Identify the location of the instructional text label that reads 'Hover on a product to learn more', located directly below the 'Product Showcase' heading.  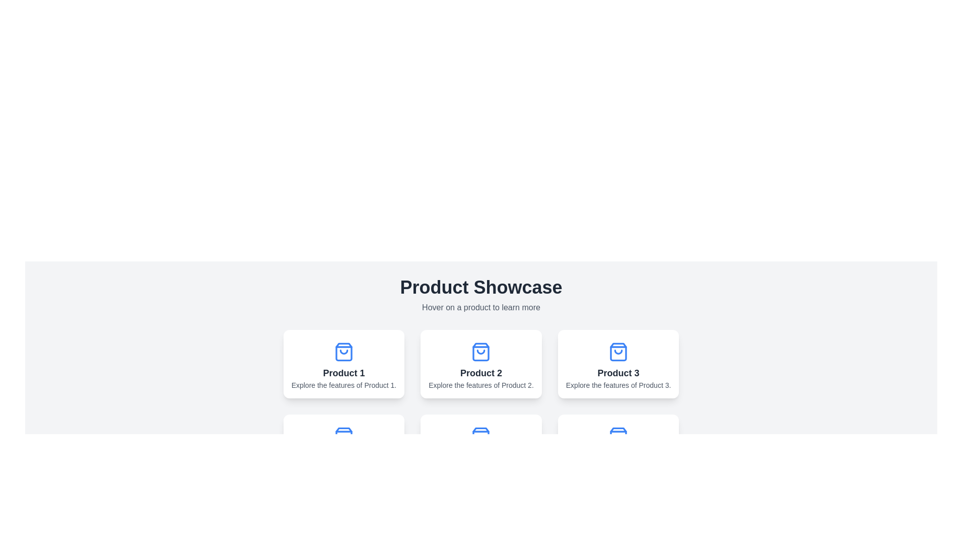
(480, 307).